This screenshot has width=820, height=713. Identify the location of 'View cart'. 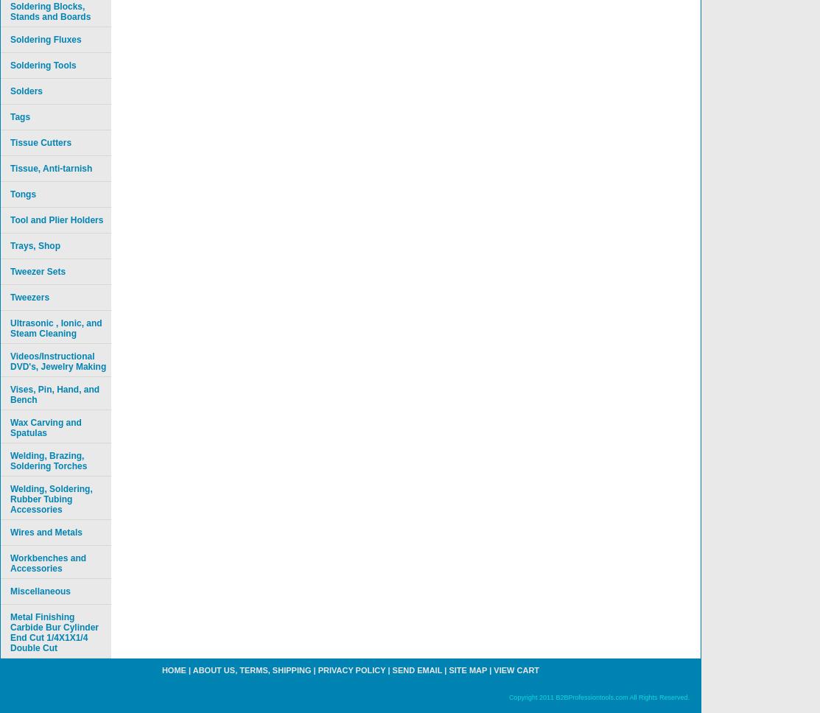
(516, 670).